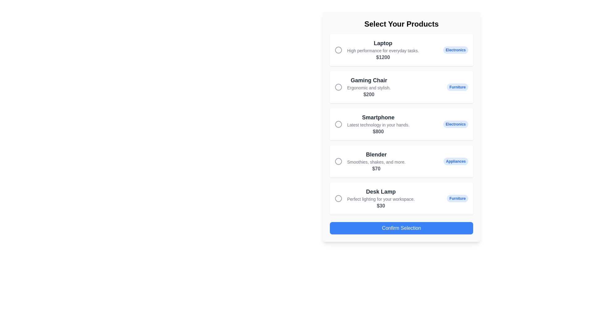 This screenshot has width=593, height=334. I want to click on the first circular icon in the selection list next to the 'Laptop High performance for everyday tasks. $1200 Electronics' option, so click(338, 50).